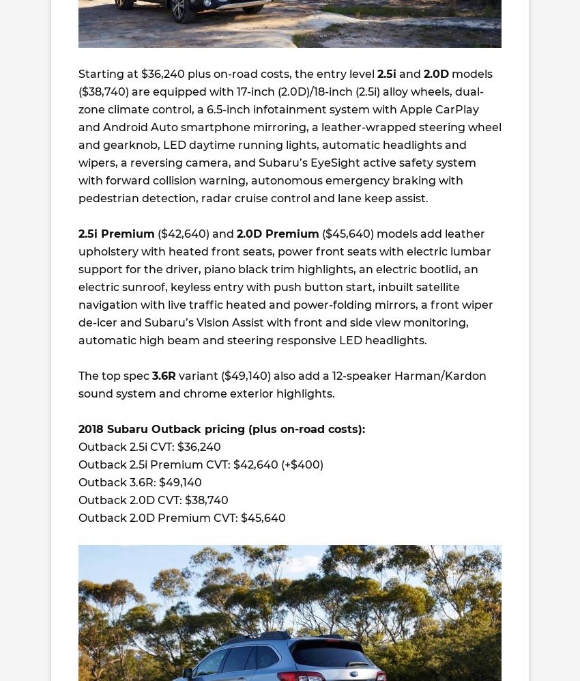 This screenshot has height=681, width=580. What do you see at coordinates (139, 482) in the screenshot?
I see `'Outback 3.6R: $49,140'` at bounding box center [139, 482].